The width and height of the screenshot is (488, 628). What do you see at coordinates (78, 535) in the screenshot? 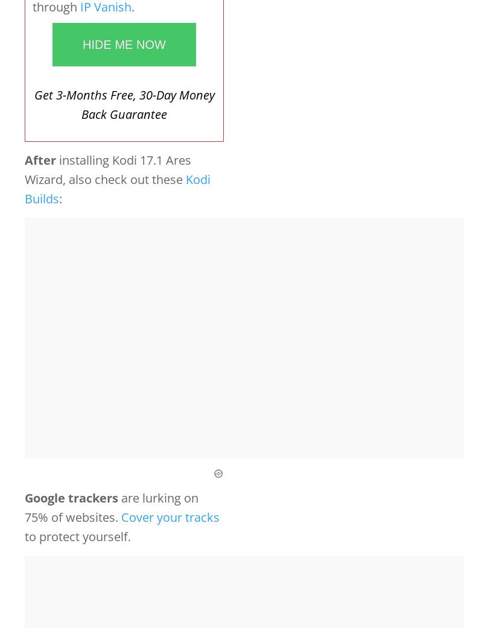
I see `'to protect yourself.'` at bounding box center [78, 535].